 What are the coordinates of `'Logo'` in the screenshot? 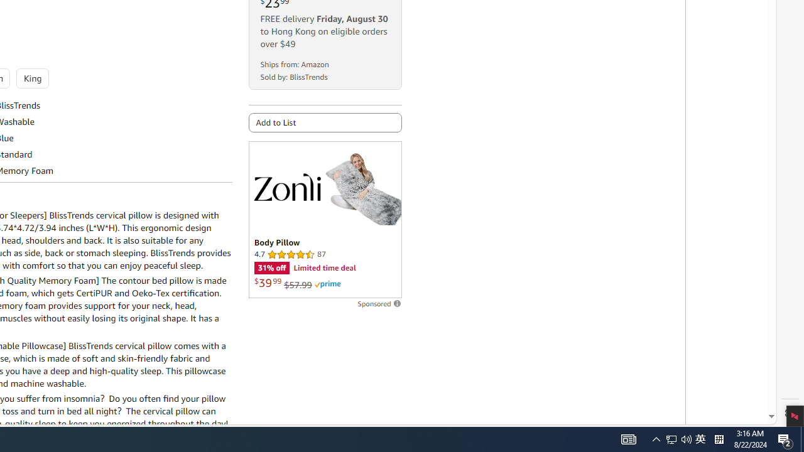 It's located at (286, 186).